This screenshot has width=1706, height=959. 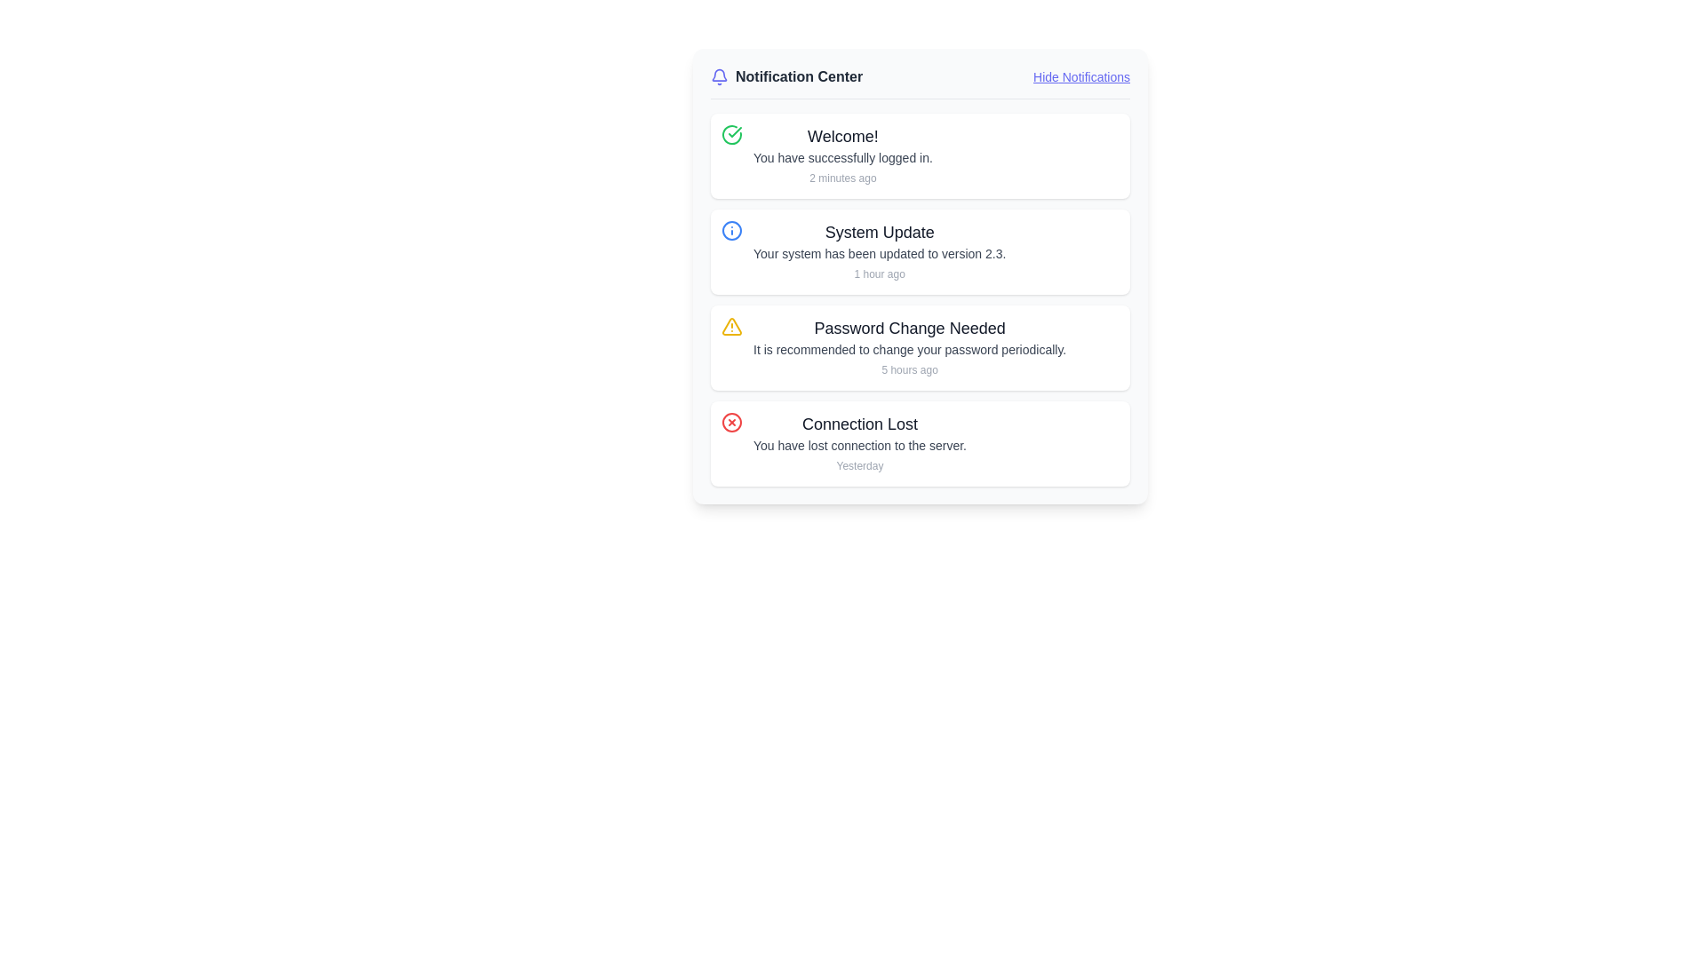 What do you see at coordinates (860, 443) in the screenshot?
I see `the notification text block that informs the user about the disconnection issue from the server, located in the fourth notification card within the notification center interface` at bounding box center [860, 443].